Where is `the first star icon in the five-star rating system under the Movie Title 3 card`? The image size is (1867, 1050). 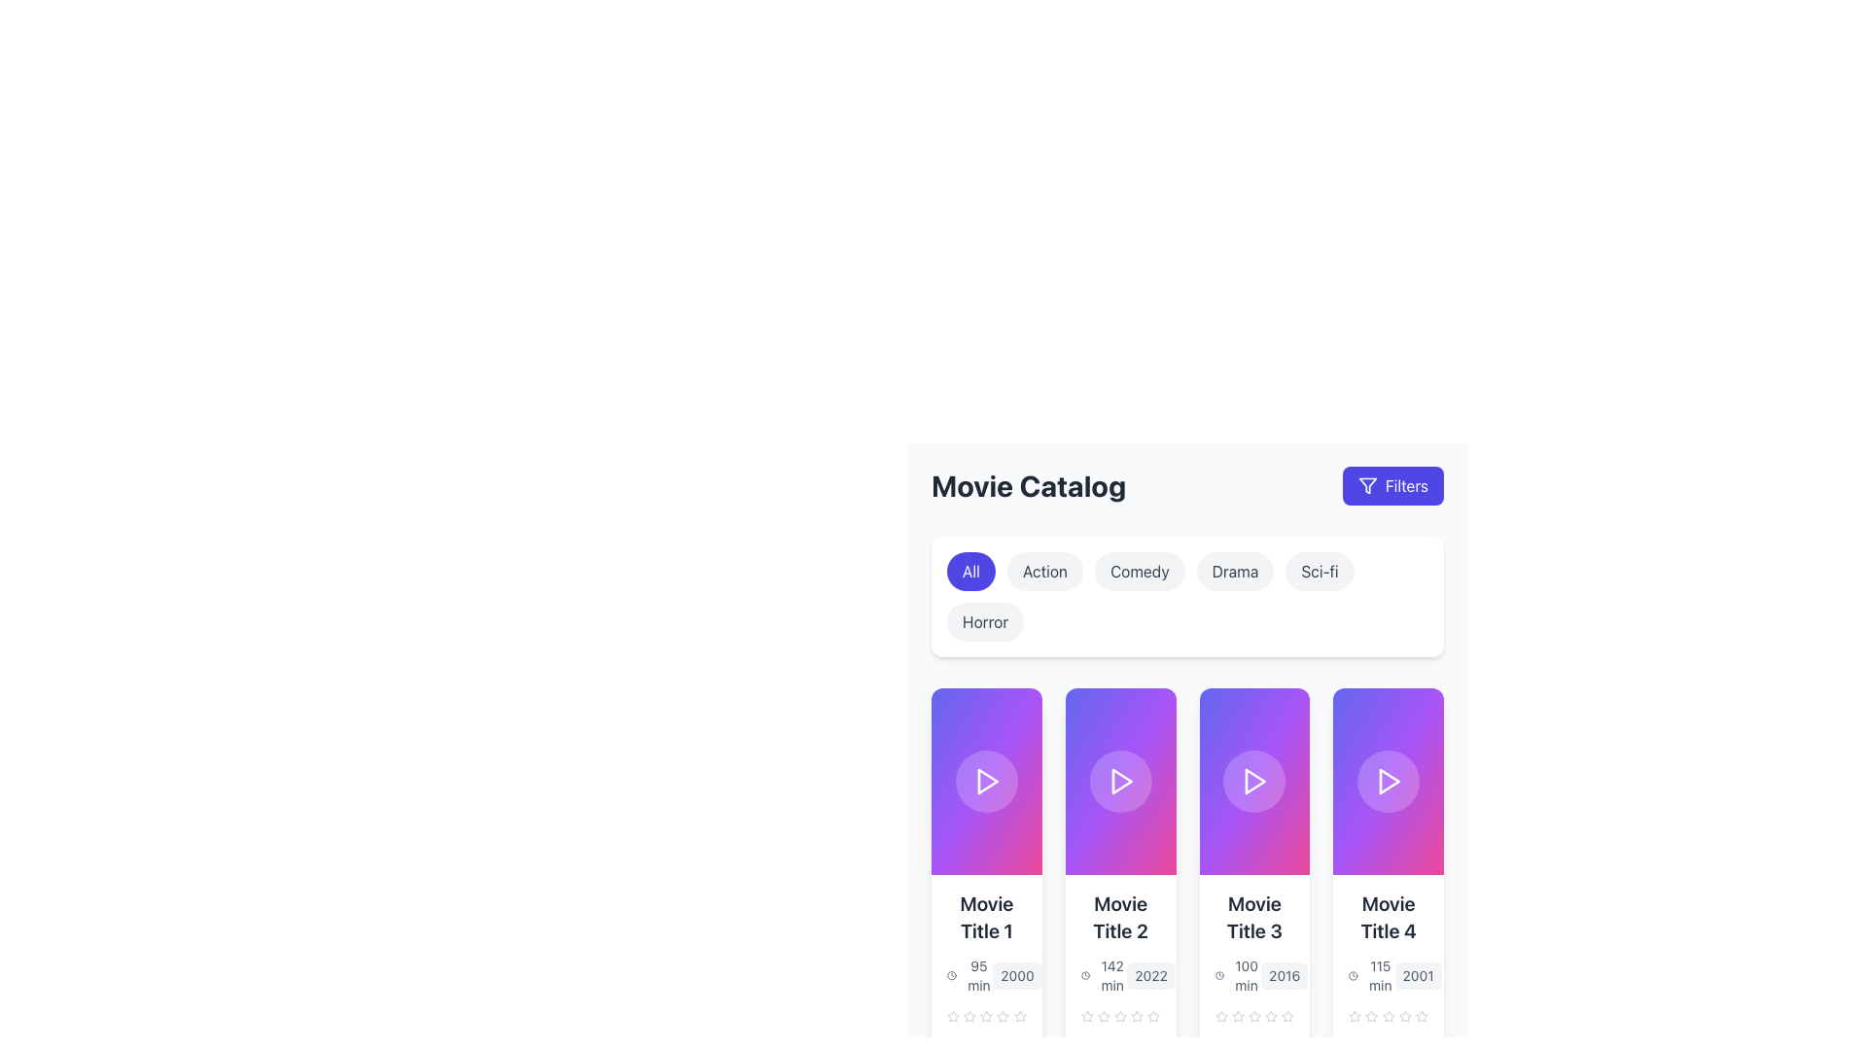
the first star icon in the five-star rating system under the Movie Title 3 card is located at coordinates (1237, 1015).